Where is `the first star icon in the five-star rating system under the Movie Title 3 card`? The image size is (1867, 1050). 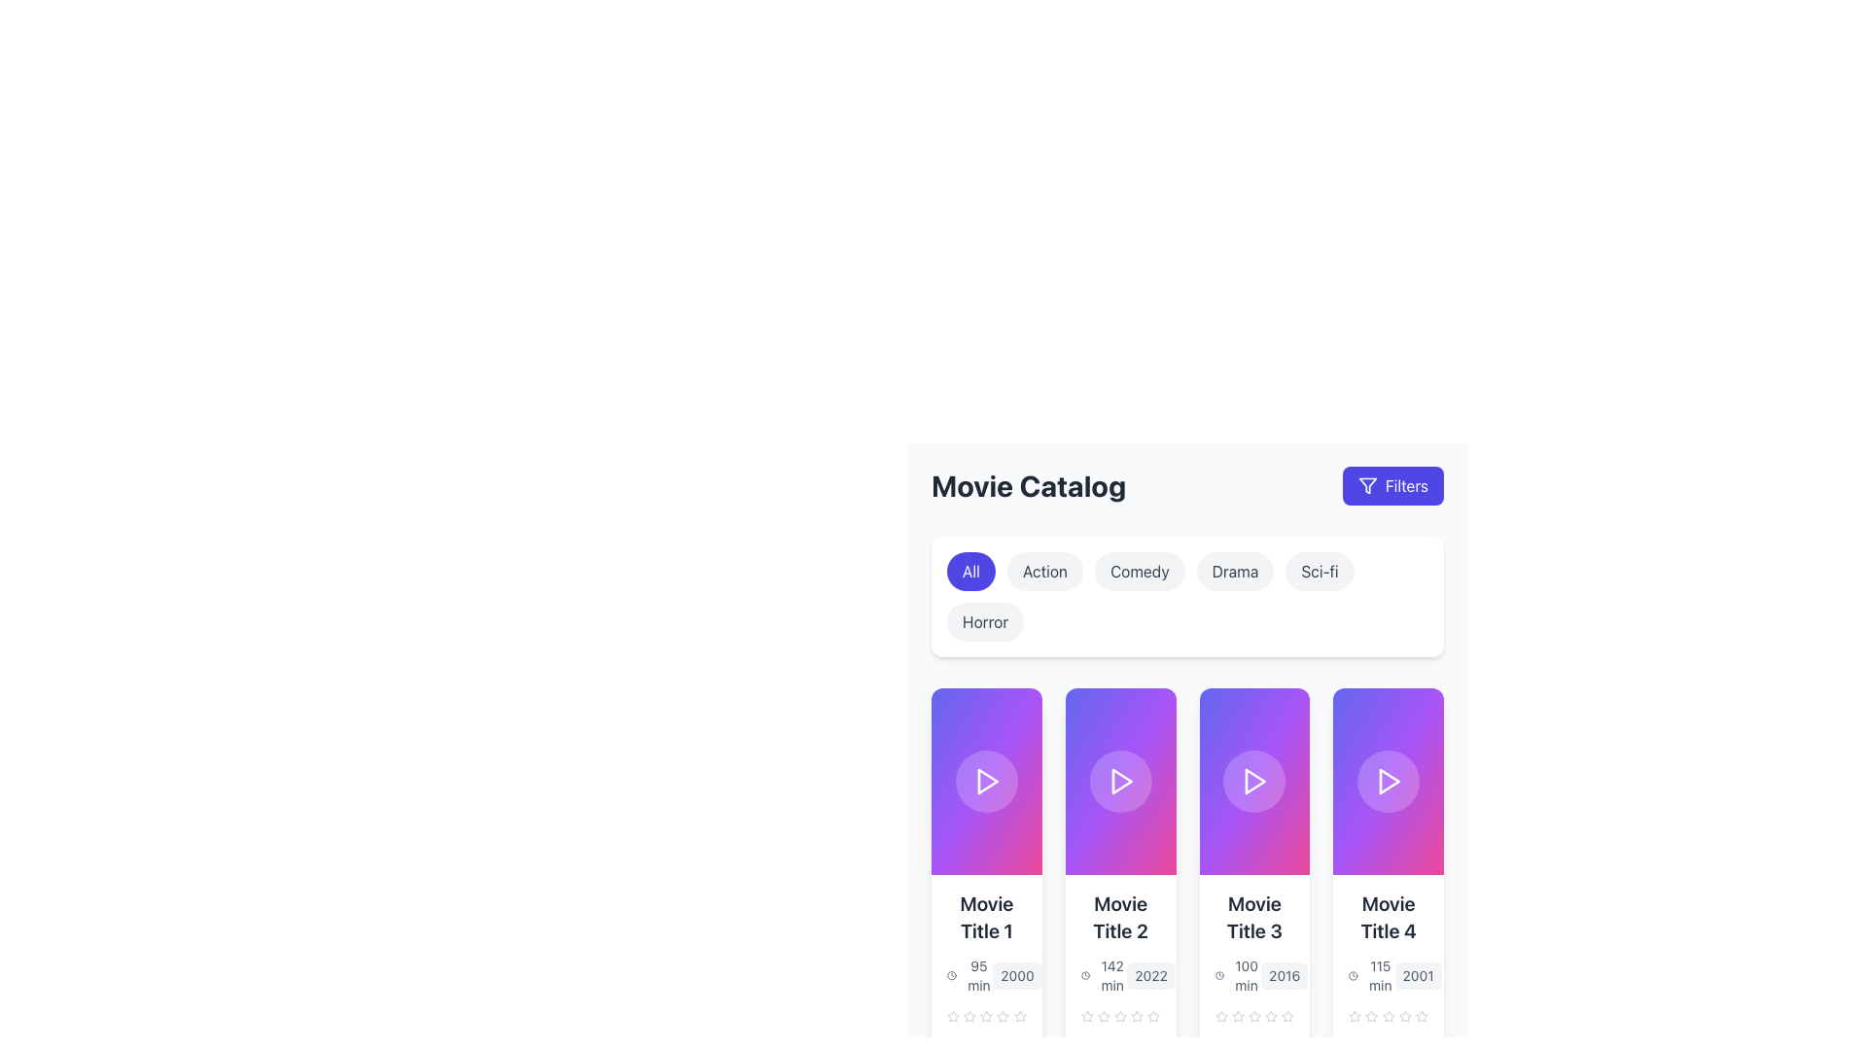
the first star icon in the five-star rating system under the Movie Title 3 card is located at coordinates (1237, 1015).